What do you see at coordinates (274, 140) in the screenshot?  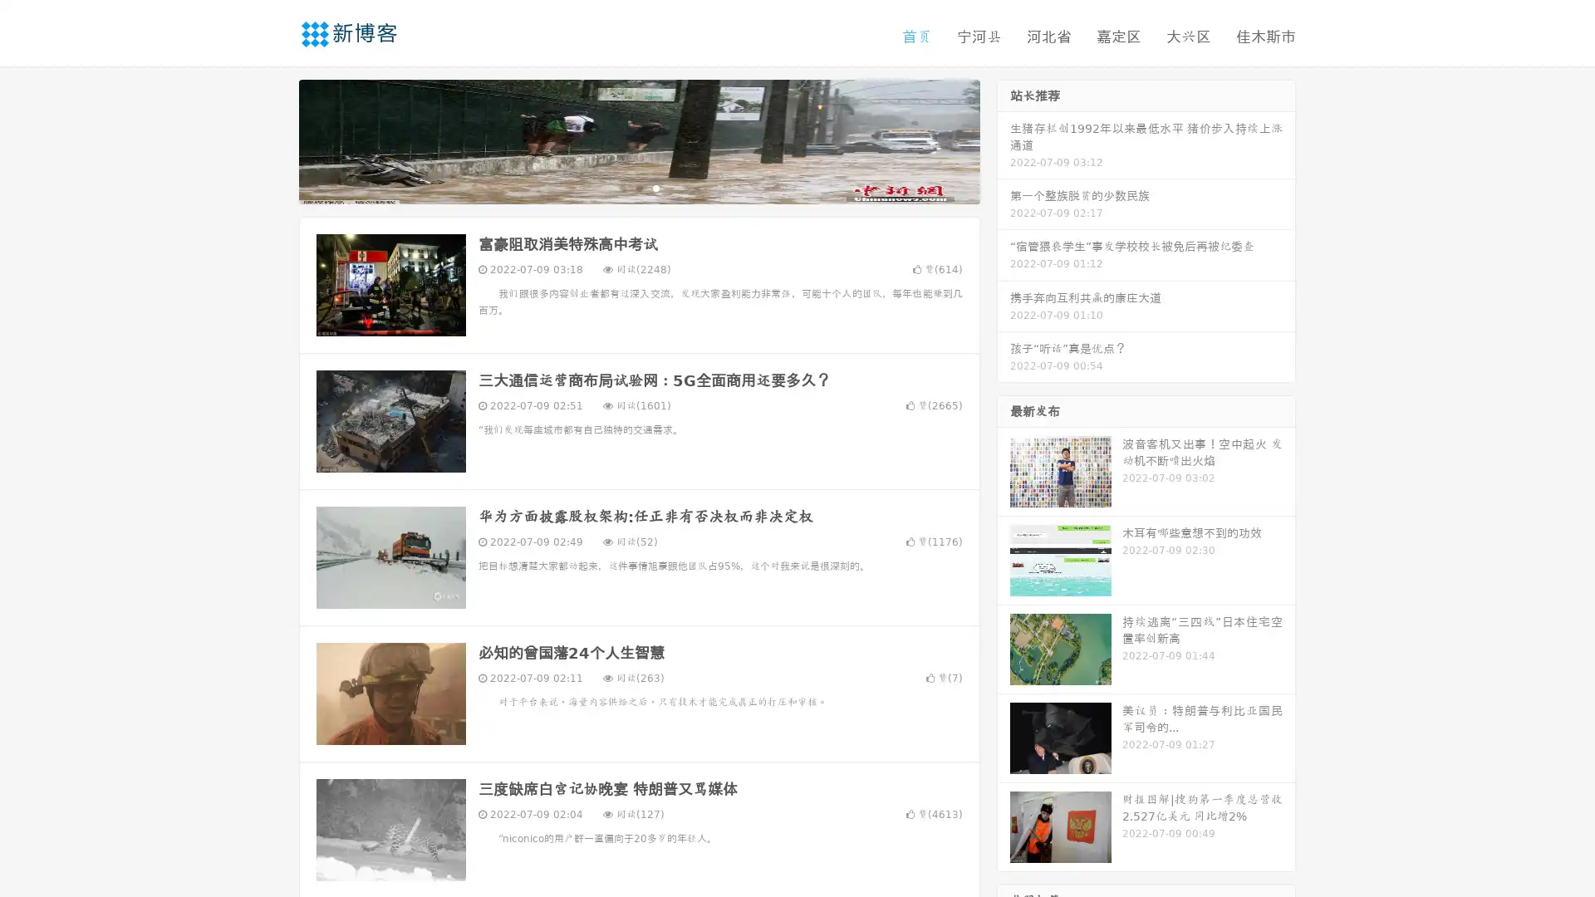 I see `Previous slide` at bounding box center [274, 140].